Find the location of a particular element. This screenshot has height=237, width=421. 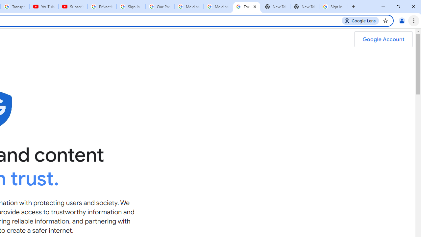

'Close' is located at coordinates (255, 6).